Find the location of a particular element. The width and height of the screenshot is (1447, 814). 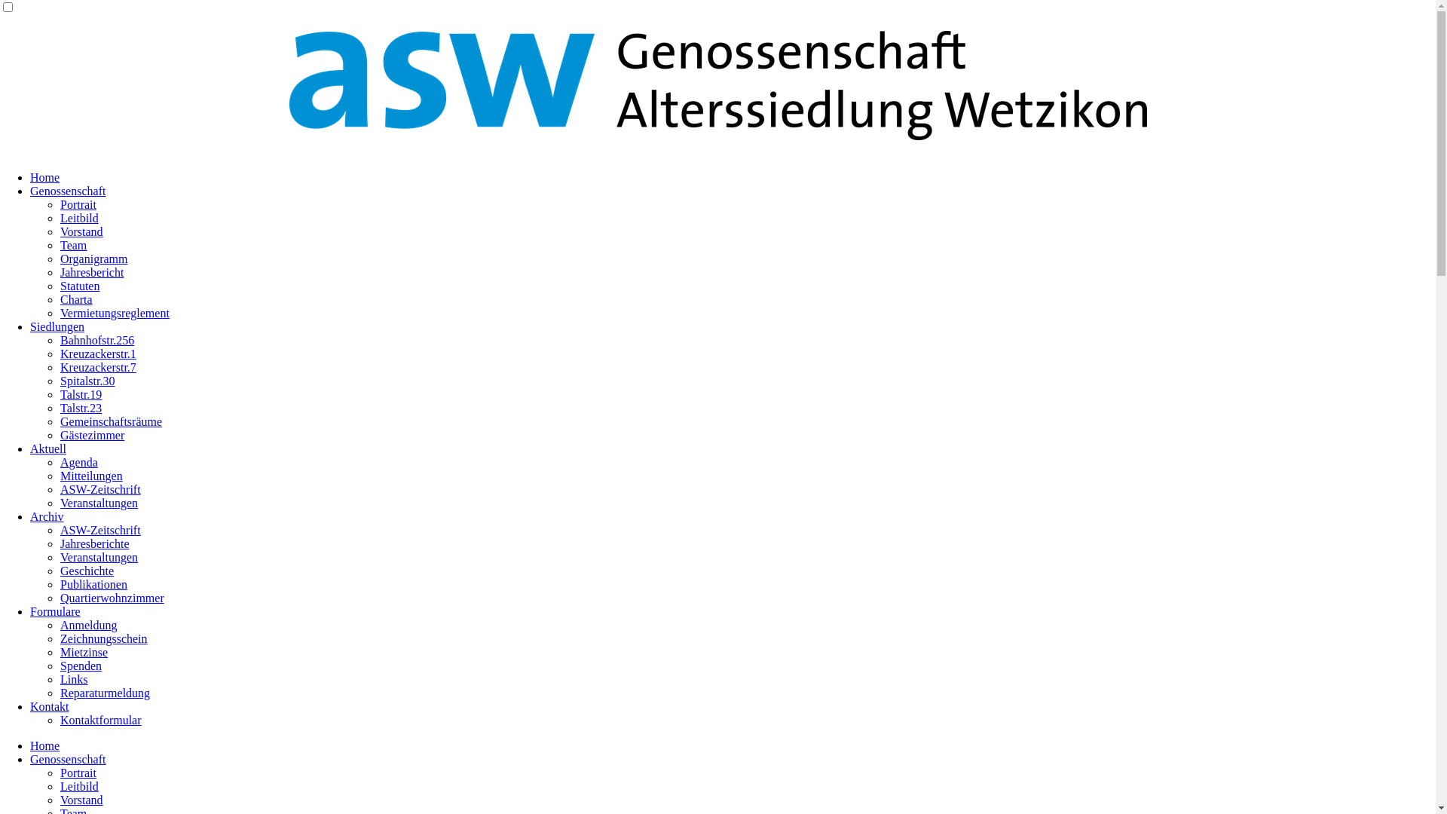

'Vermietungsreglement' is located at coordinates (114, 312).